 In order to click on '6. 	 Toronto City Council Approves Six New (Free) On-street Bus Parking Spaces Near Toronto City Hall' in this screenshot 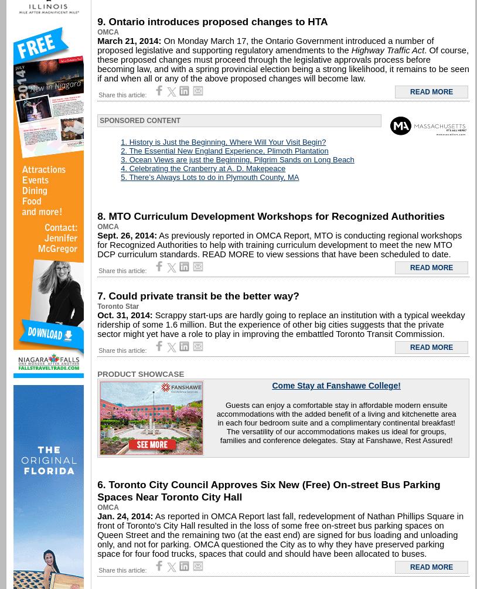, I will do `click(268, 491)`.